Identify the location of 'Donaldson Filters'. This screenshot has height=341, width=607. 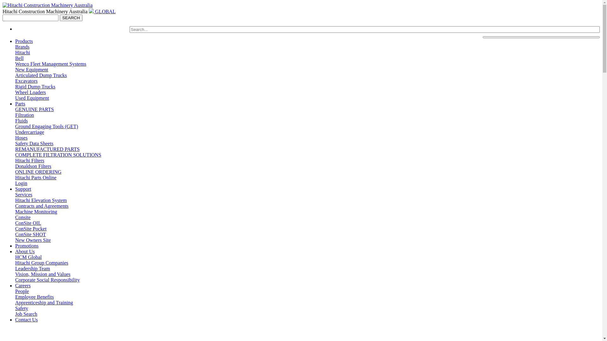
(33, 166).